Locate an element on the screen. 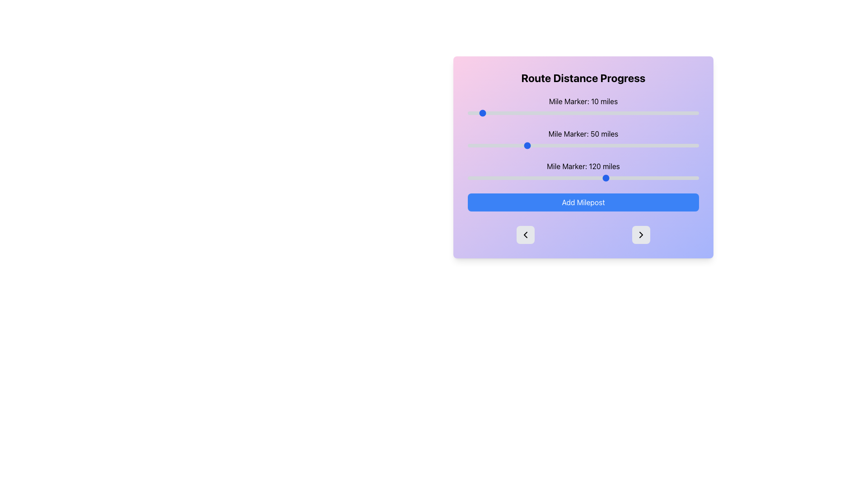 The image size is (867, 487). the mile marker is located at coordinates (479, 145).